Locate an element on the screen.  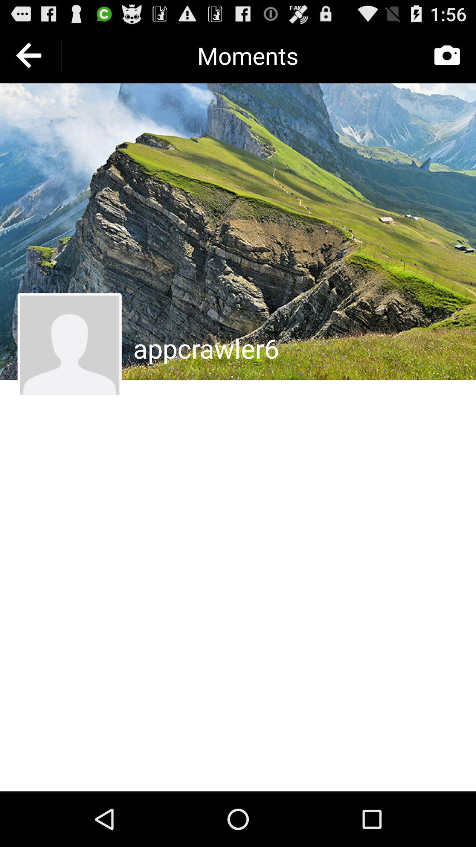
user profile button is located at coordinates (69, 345).